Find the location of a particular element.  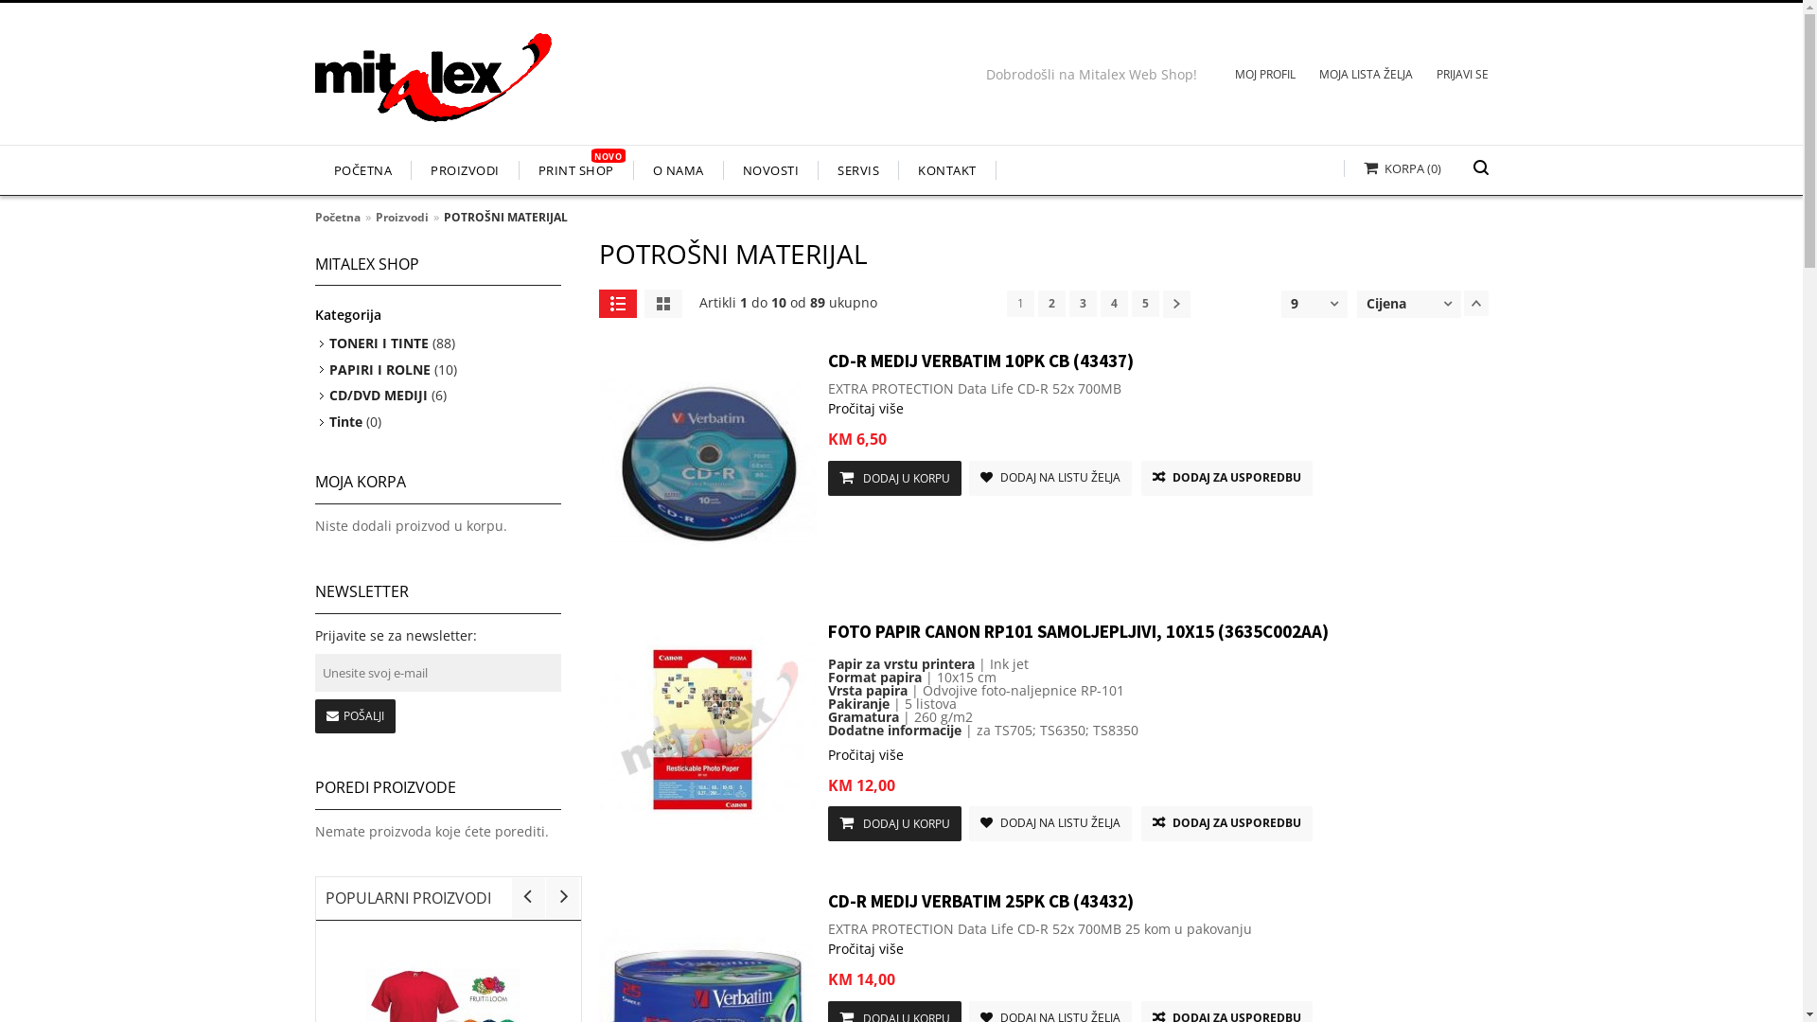

'Lista' is located at coordinates (617, 302).